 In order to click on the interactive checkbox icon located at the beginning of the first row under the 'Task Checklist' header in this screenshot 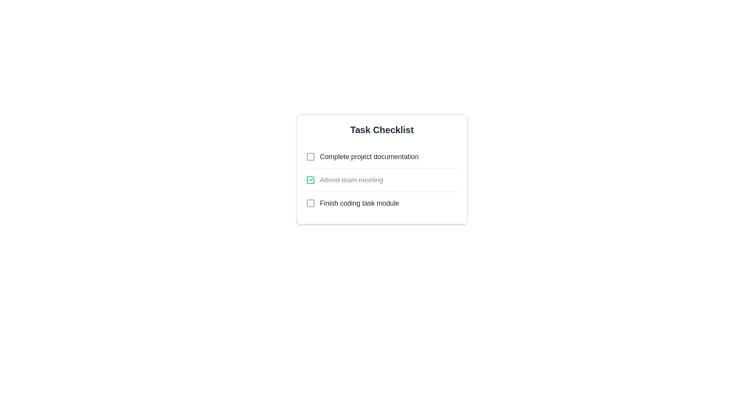, I will do `click(311, 156)`.